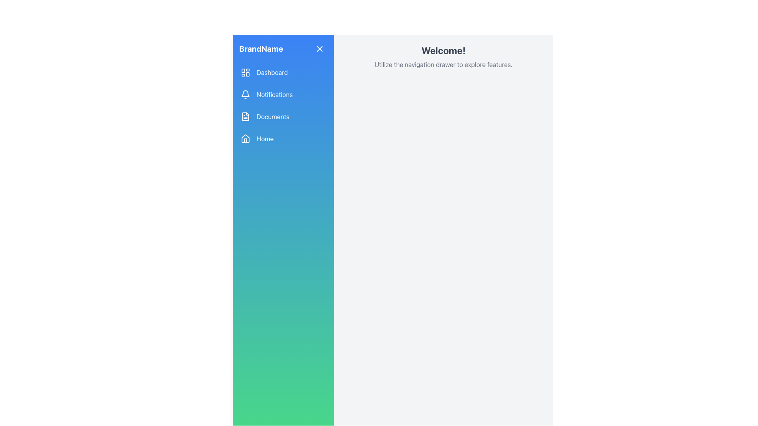  What do you see at coordinates (443, 64) in the screenshot?
I see `the static text element that reads 'Utilize the navigation drawer` at bounding box center [443, 64].